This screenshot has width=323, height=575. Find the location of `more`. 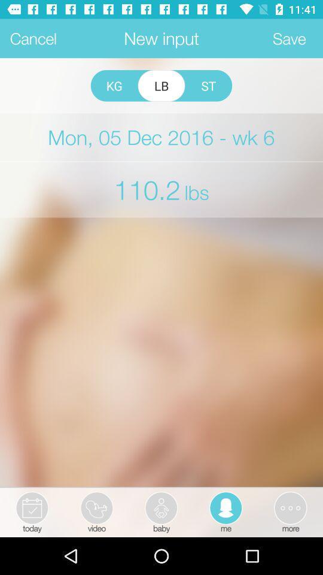

more is located at coordinates (289, 511).